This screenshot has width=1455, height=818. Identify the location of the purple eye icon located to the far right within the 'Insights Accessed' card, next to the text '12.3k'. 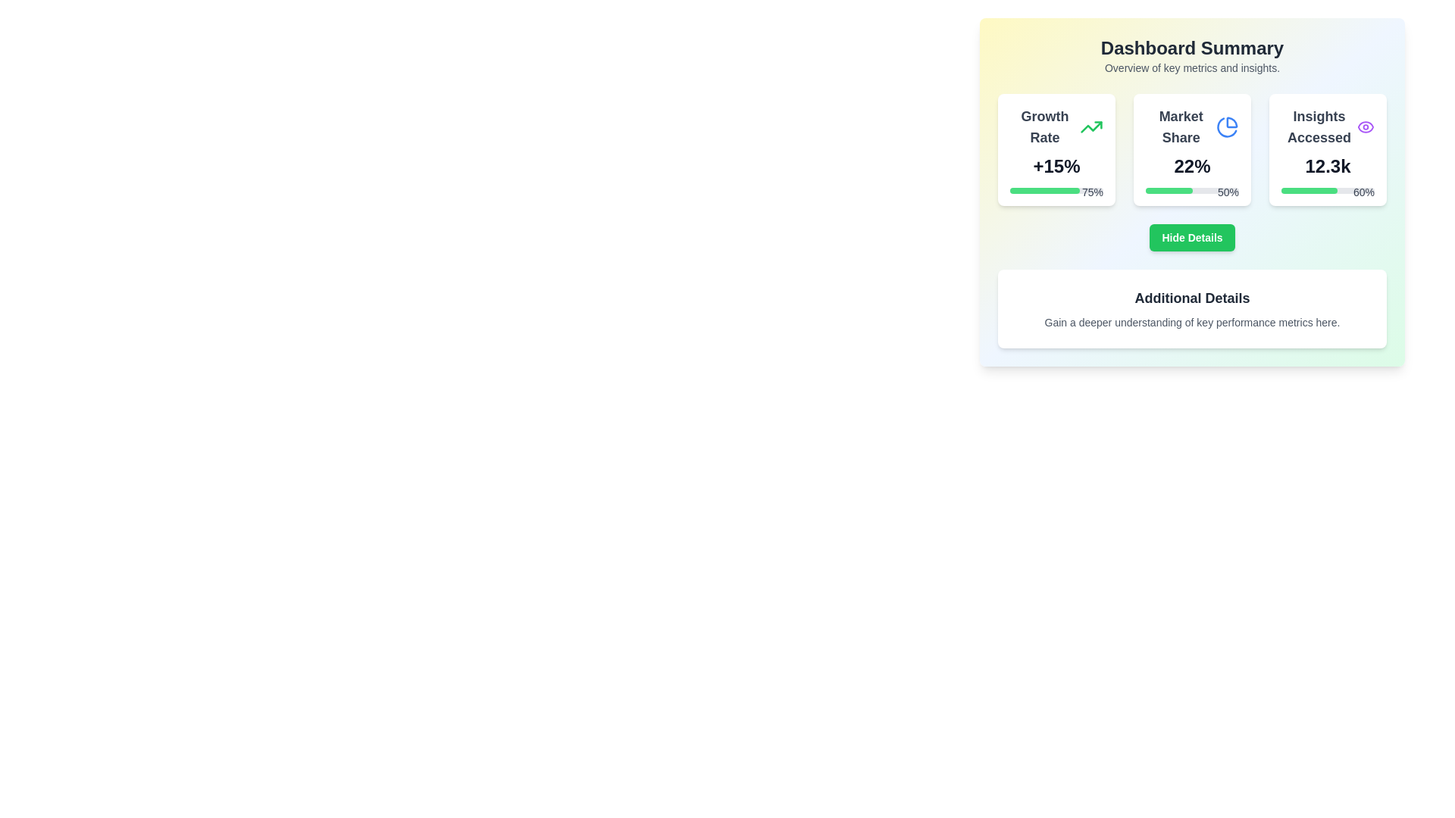
(1366, 126).